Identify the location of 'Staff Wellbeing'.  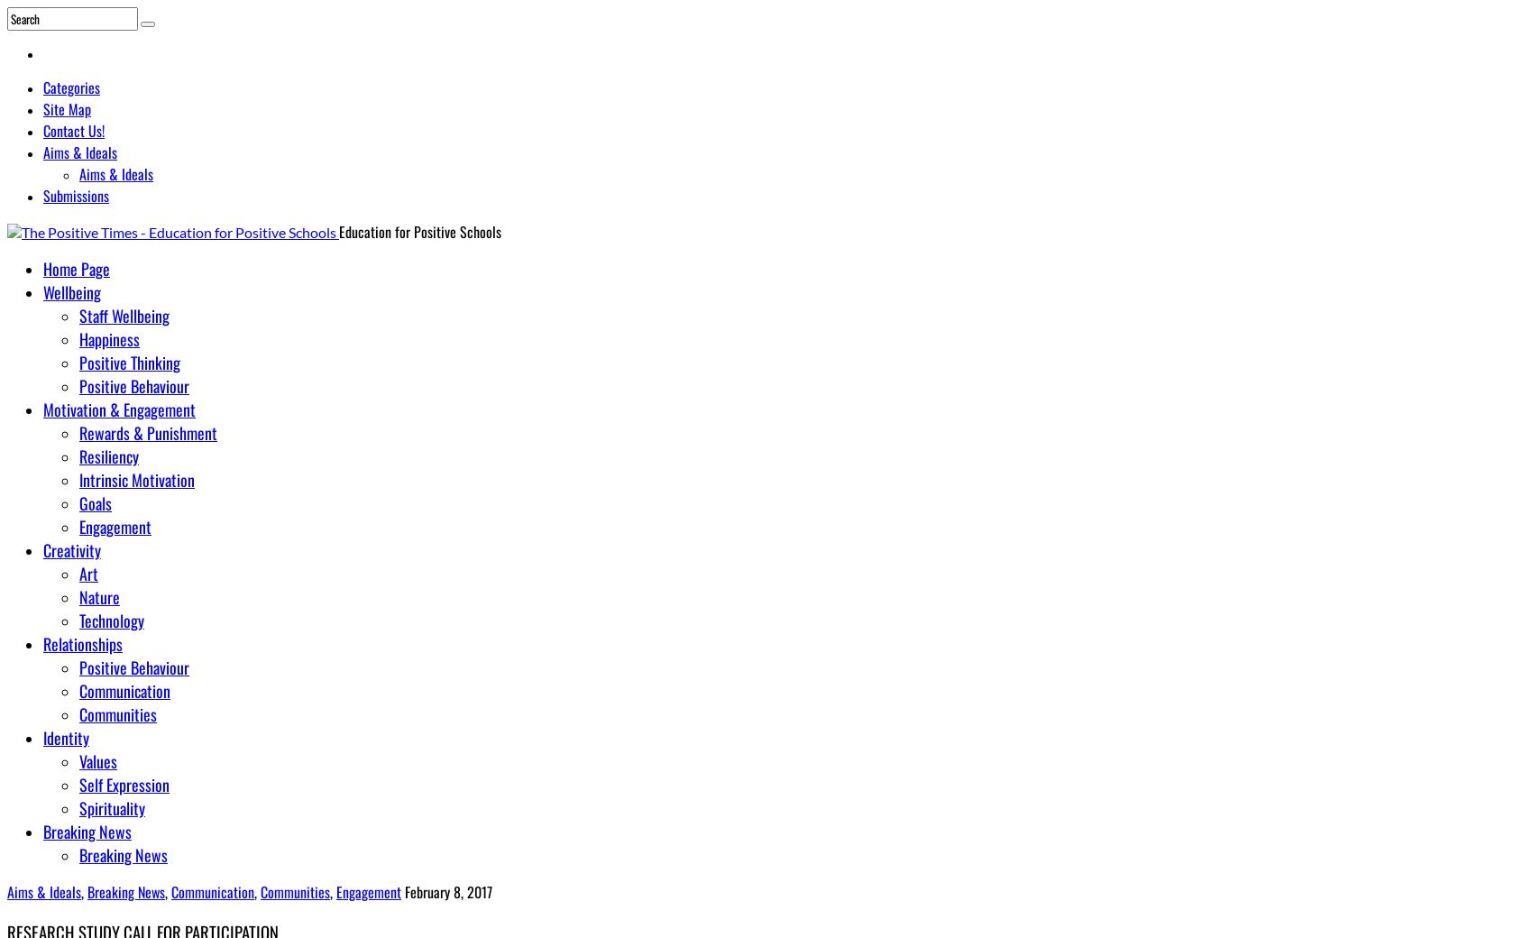
(79, 314).